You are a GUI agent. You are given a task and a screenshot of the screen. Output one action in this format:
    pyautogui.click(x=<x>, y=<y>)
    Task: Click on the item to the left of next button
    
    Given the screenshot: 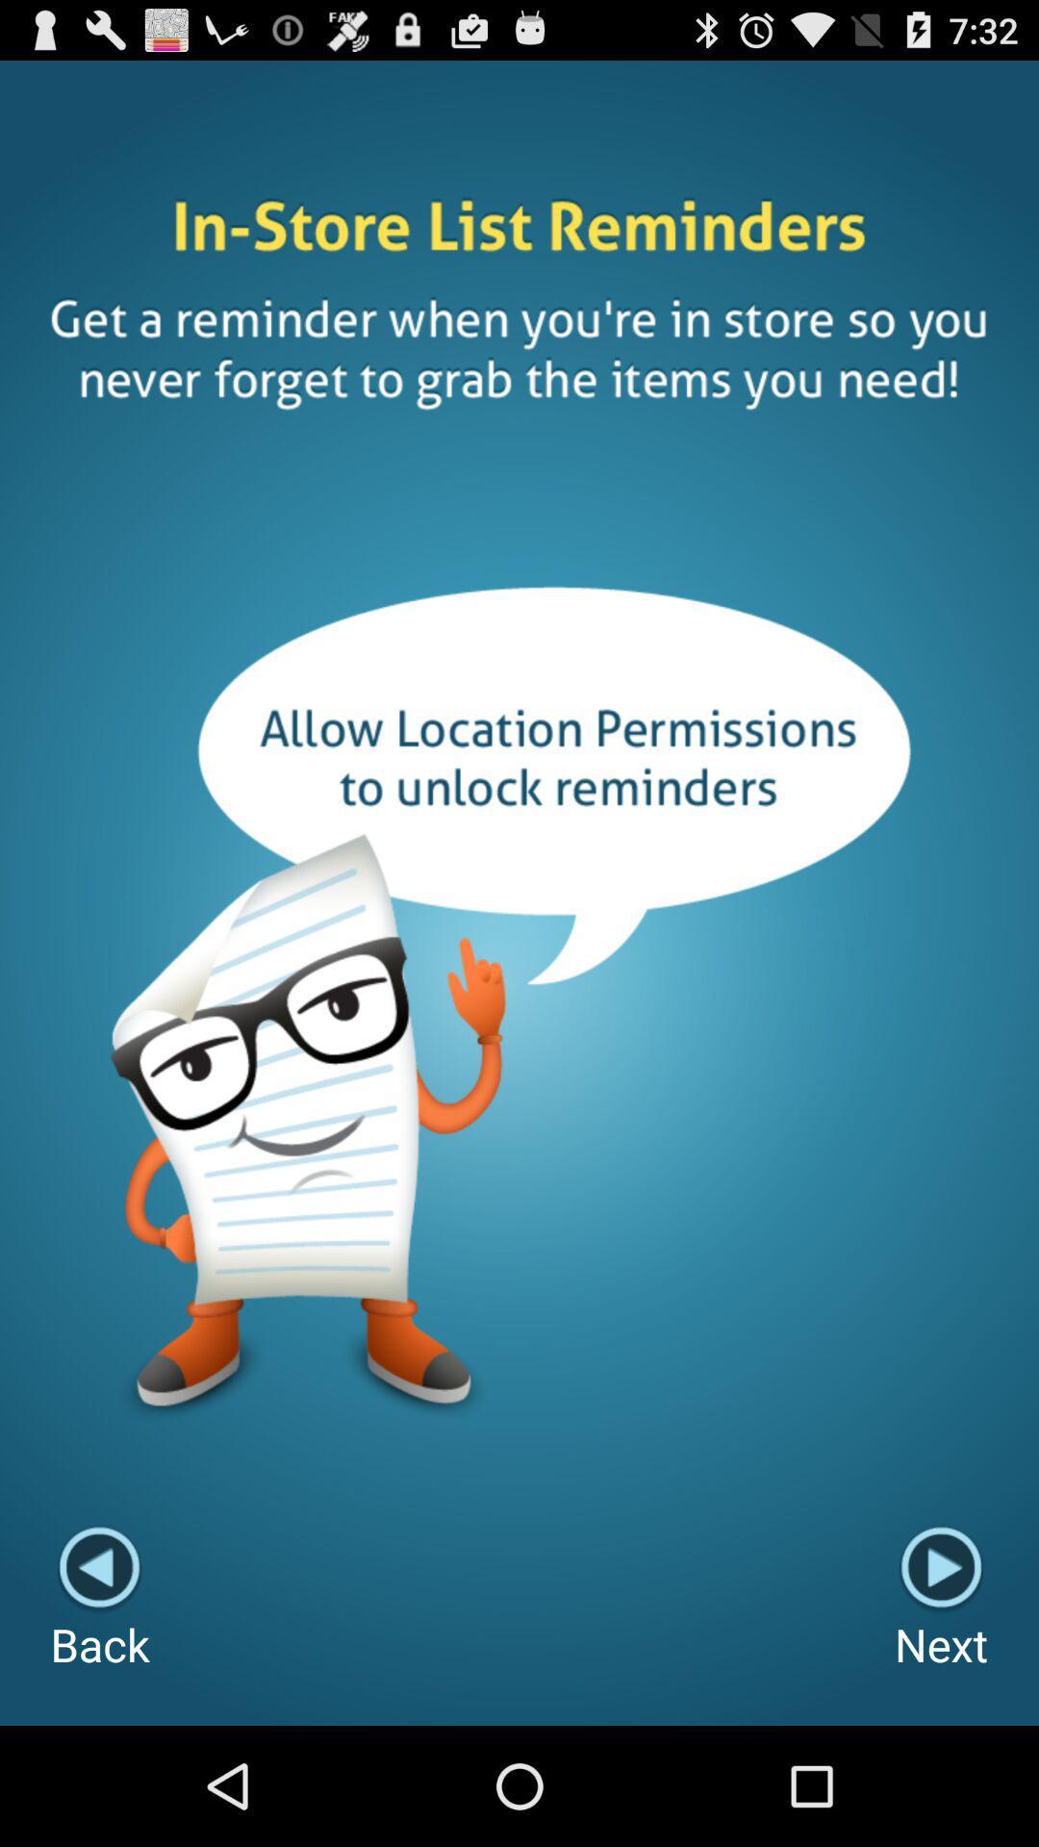 What is the action you would take?
    pyautogui.click(x=100, y=1600)
    